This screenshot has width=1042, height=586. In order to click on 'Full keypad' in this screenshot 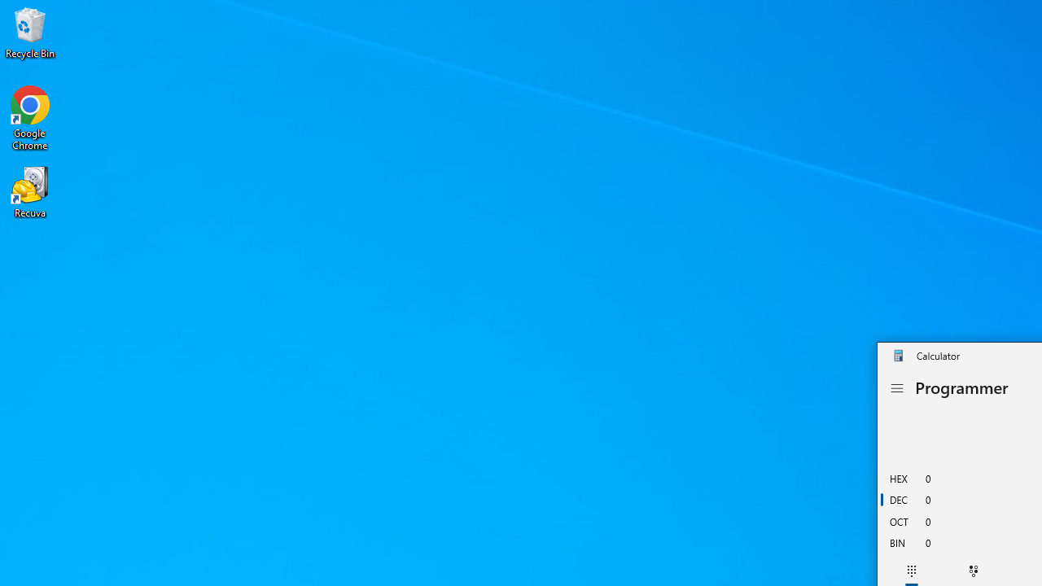, I will do `click(910, 571)`.